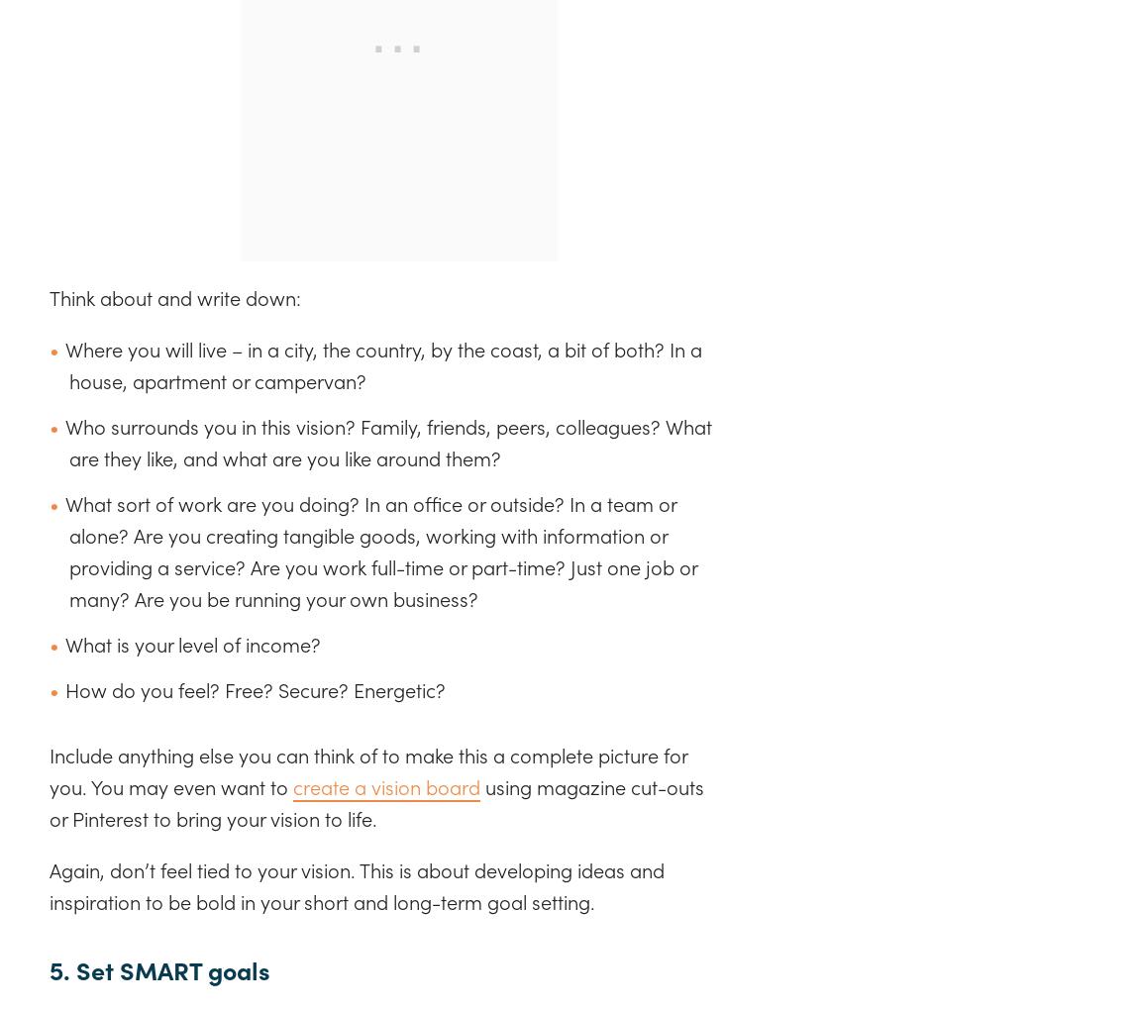  Describe the element at coordinates (64, 551) in the screenshot. I see `'What sort of work are you doing? In an office or outside? In a team or alone? Are you creating tangible goods, working with information or providing a service? Are you work full-time or part-time? Just one job or many? Are you be running your own business?'` at that location.